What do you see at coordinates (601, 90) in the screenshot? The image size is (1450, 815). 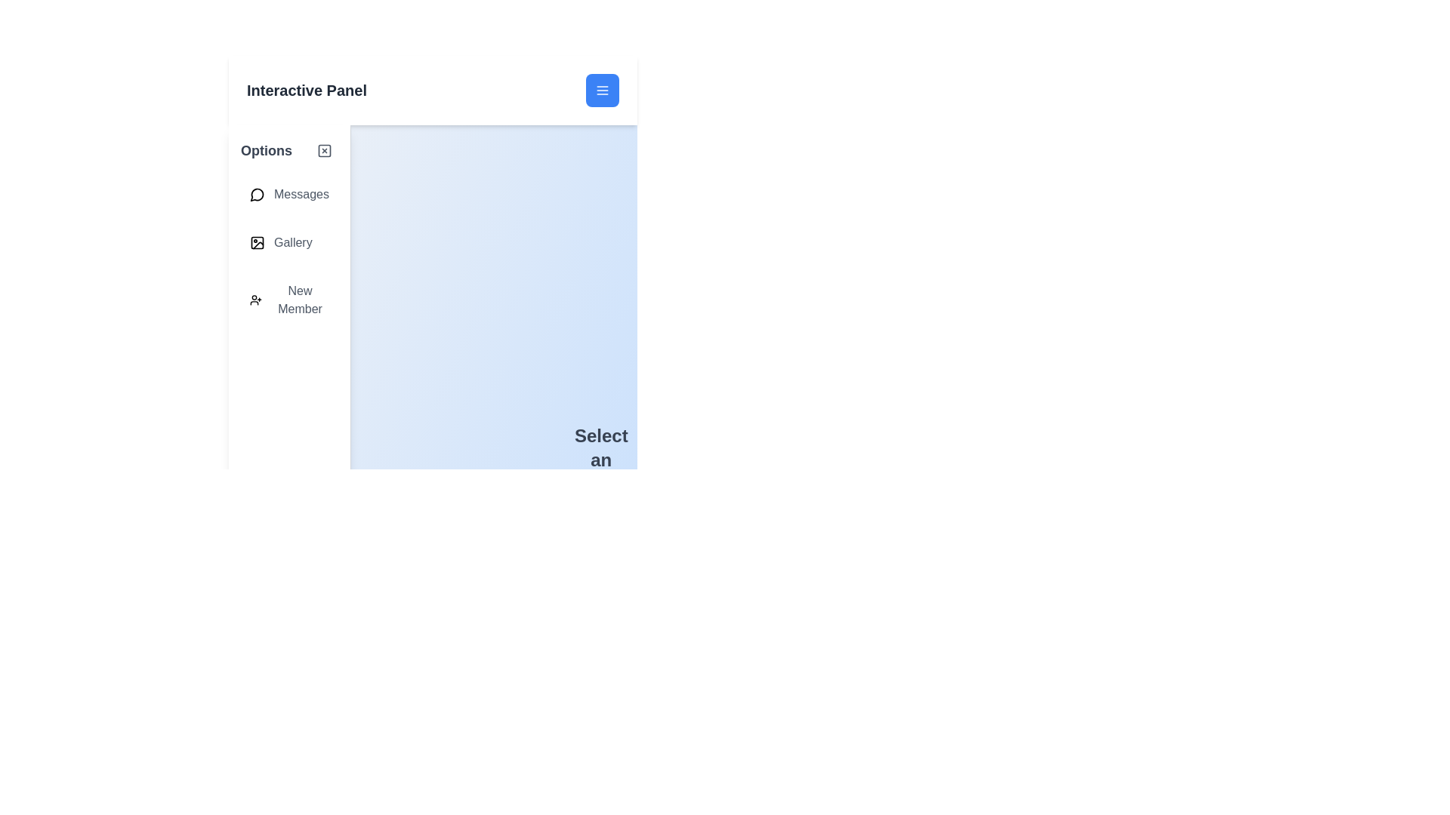 I see `the blue rounded rectangular button with white horizontal lines in the center, located in the top-right corner of the 'Interactive Panel'` at bounding box center [601, 90].